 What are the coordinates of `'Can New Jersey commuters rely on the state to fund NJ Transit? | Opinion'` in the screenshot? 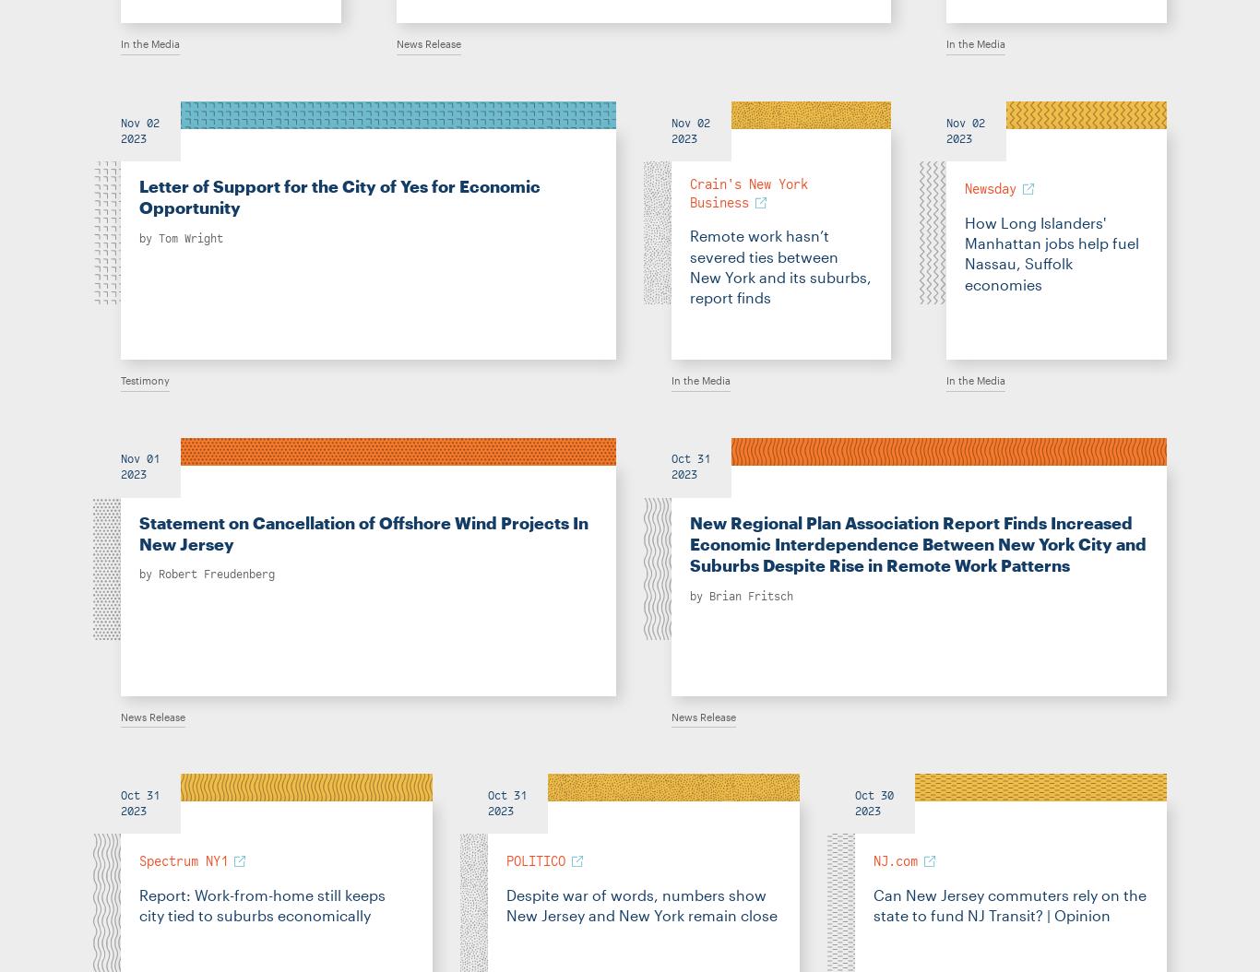 It's located at (872, 904).